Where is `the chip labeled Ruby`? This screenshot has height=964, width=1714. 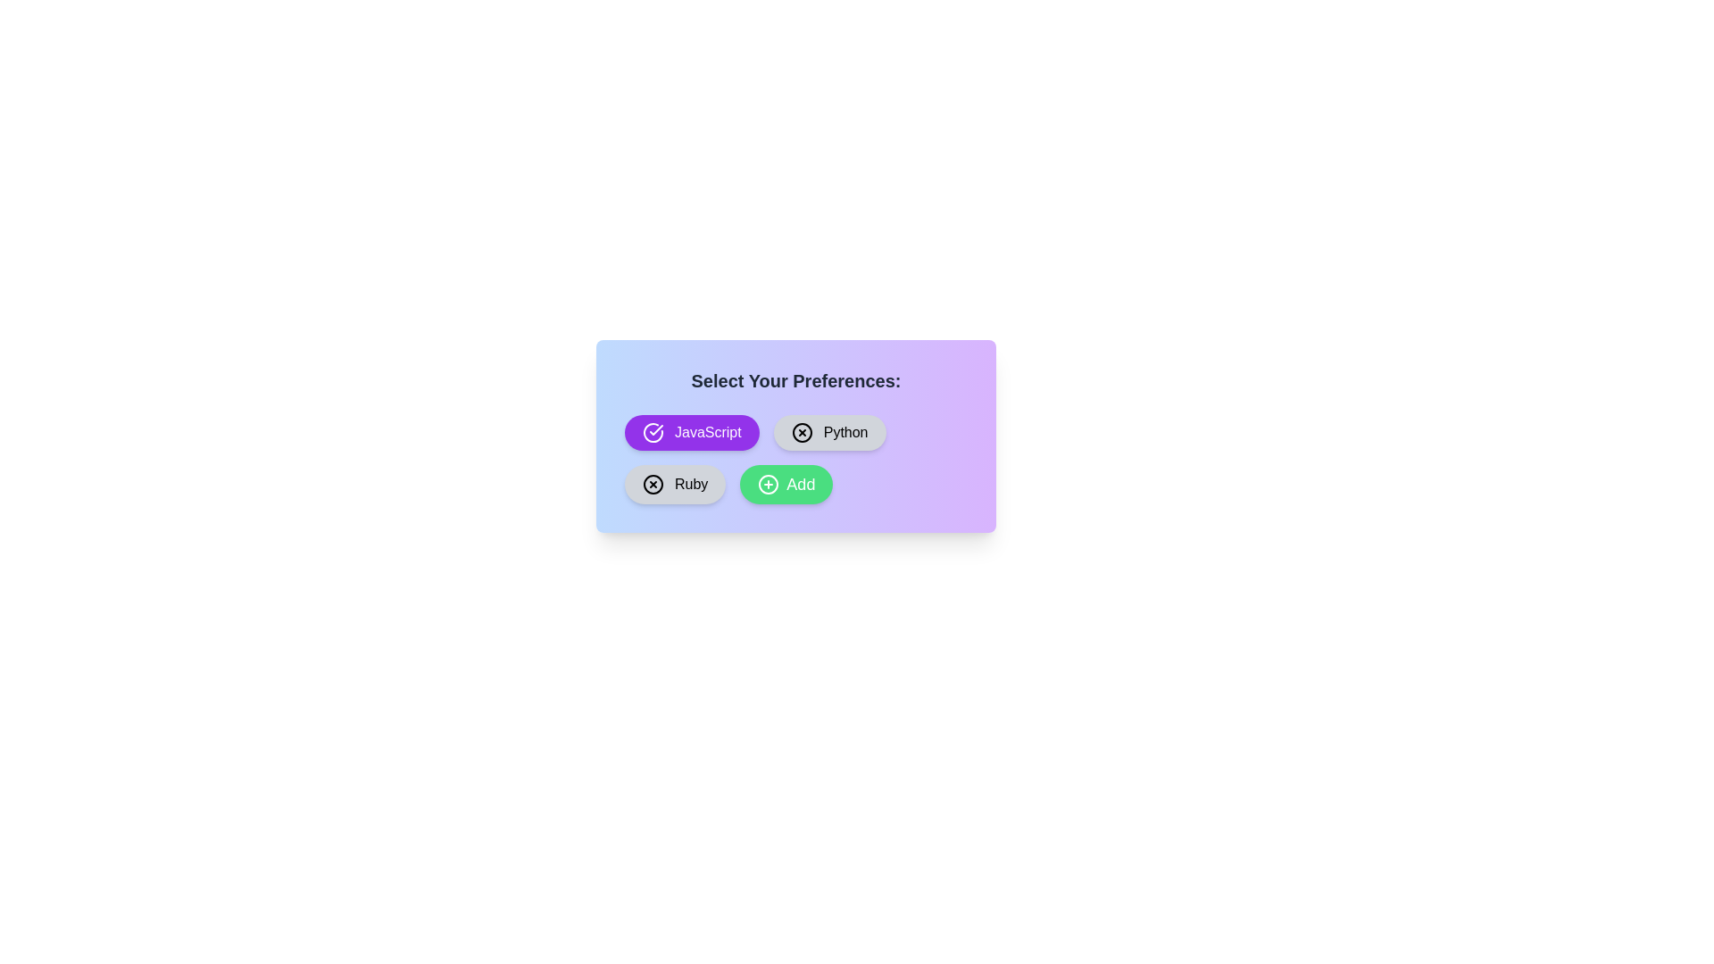
the chip labeled Ruby is located at coordinates (675, 485).